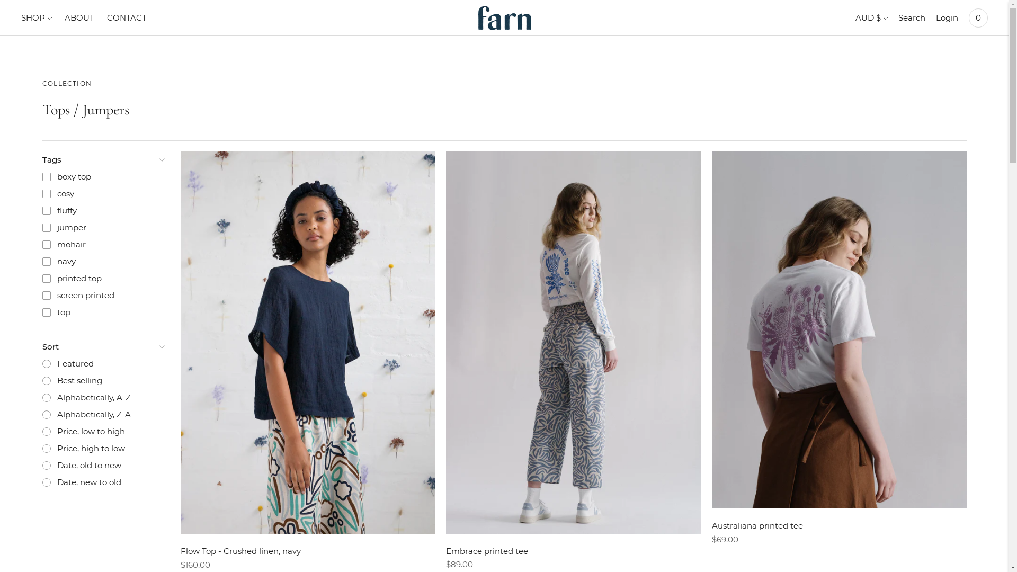 This screenshot has width=1017, height=572. What do you see at coordinates (103, 159) in the screenshot?
I see `'Tags'` at bounding box center [103, 159].